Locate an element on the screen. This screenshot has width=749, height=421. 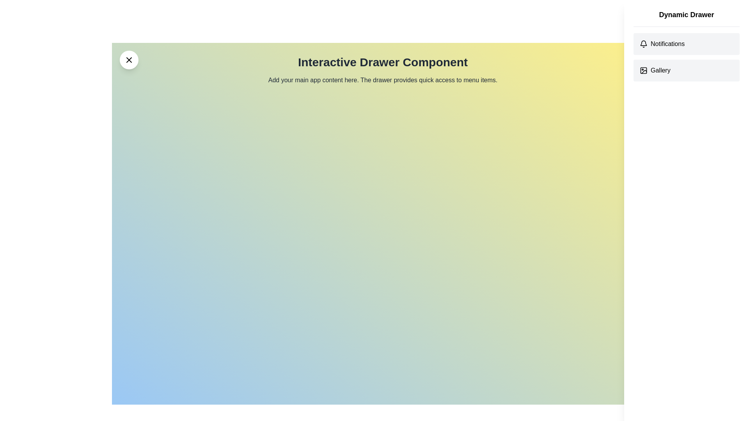
bold text element labeled 'Interactive Drawer Component', which is styled in a large font size and centered on a gradient background is located at coordinates (383, 62).